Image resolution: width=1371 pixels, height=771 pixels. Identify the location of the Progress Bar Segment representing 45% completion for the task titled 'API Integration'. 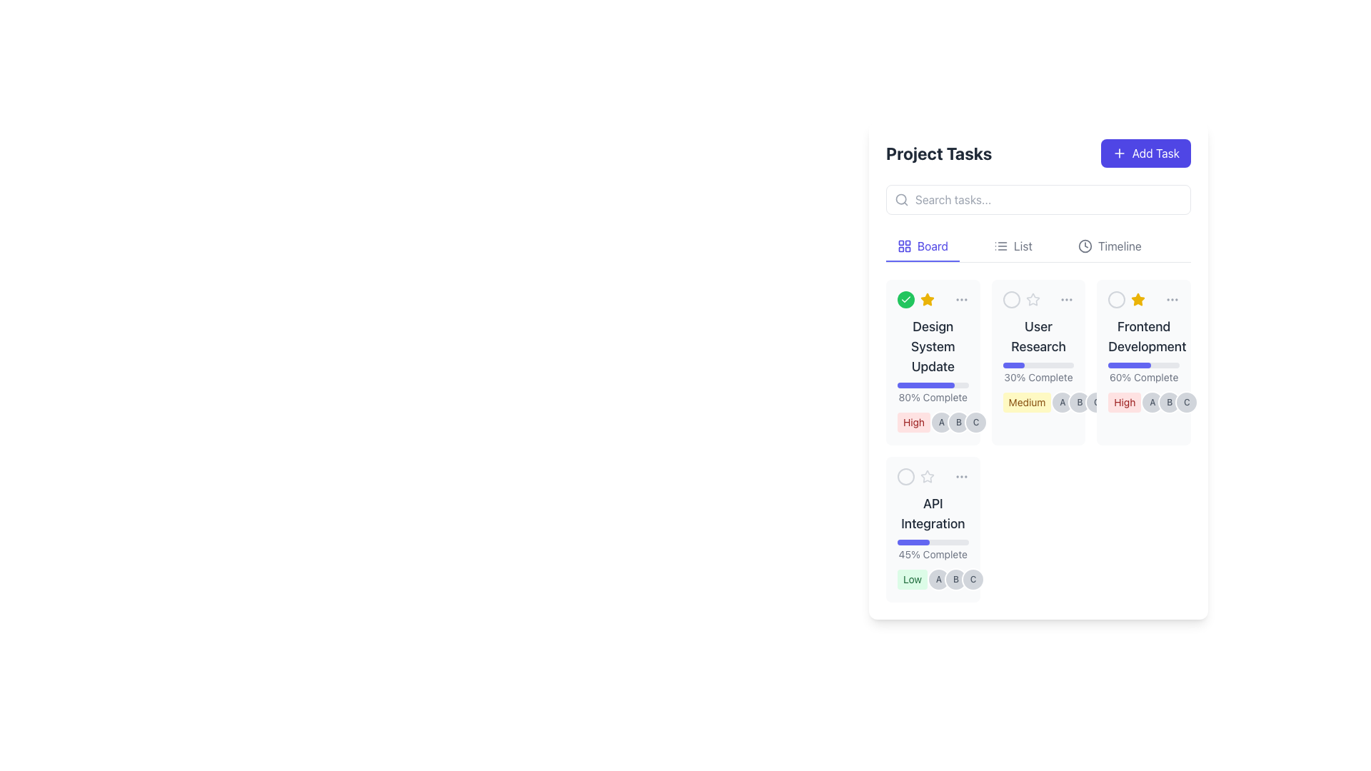
(913, 542).